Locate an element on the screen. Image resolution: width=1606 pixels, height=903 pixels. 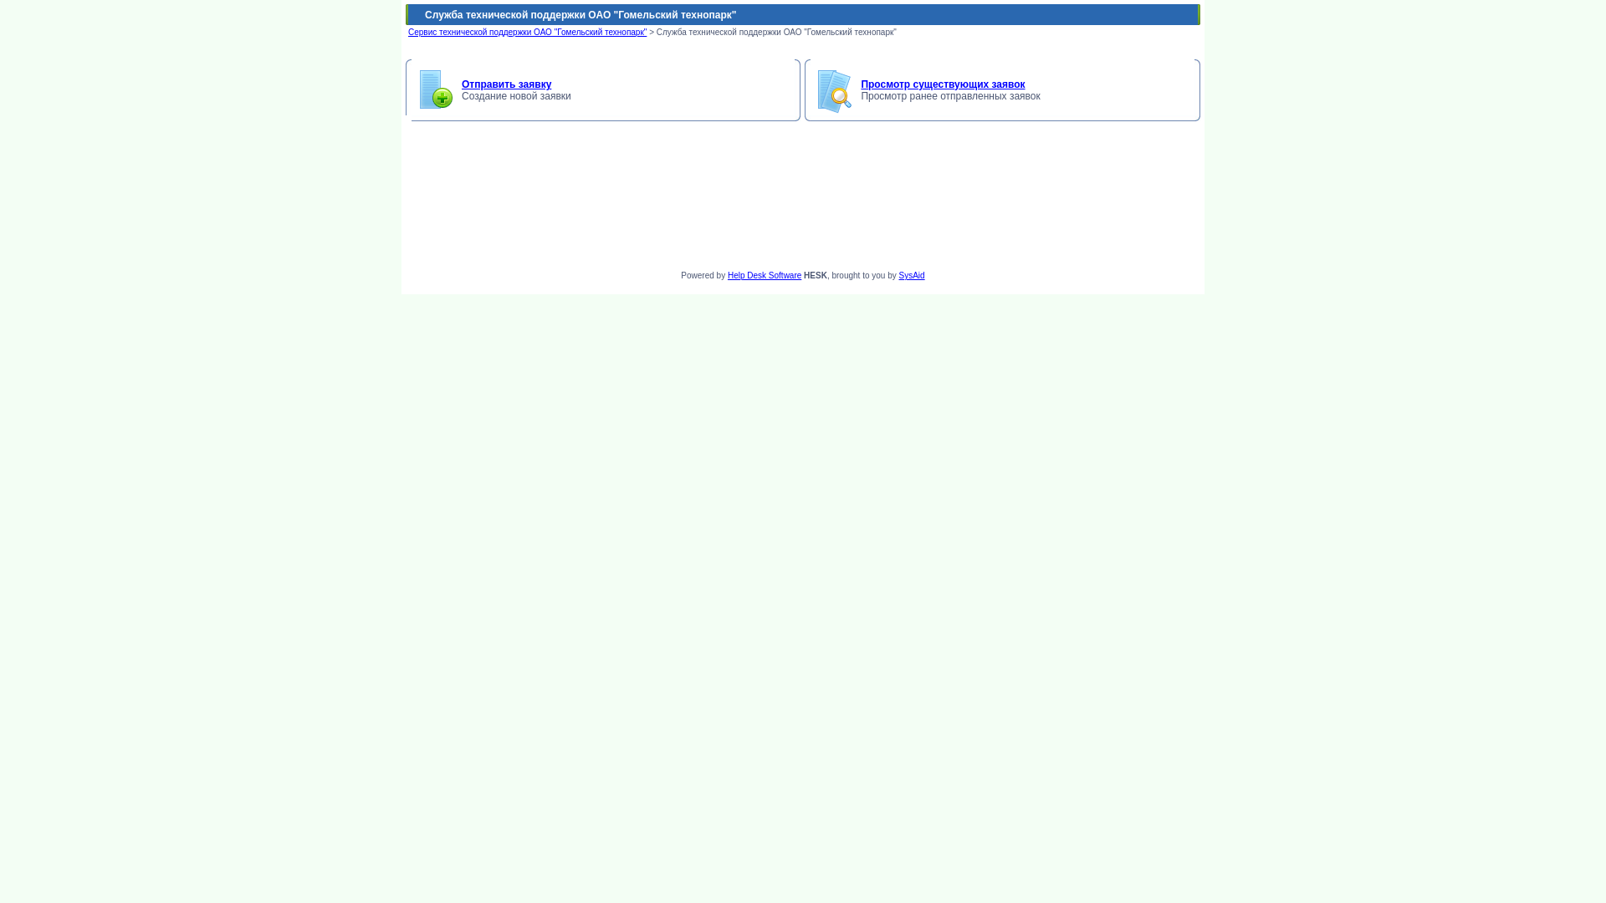
'Help Desk Software' is located at coordinates (763, 274).